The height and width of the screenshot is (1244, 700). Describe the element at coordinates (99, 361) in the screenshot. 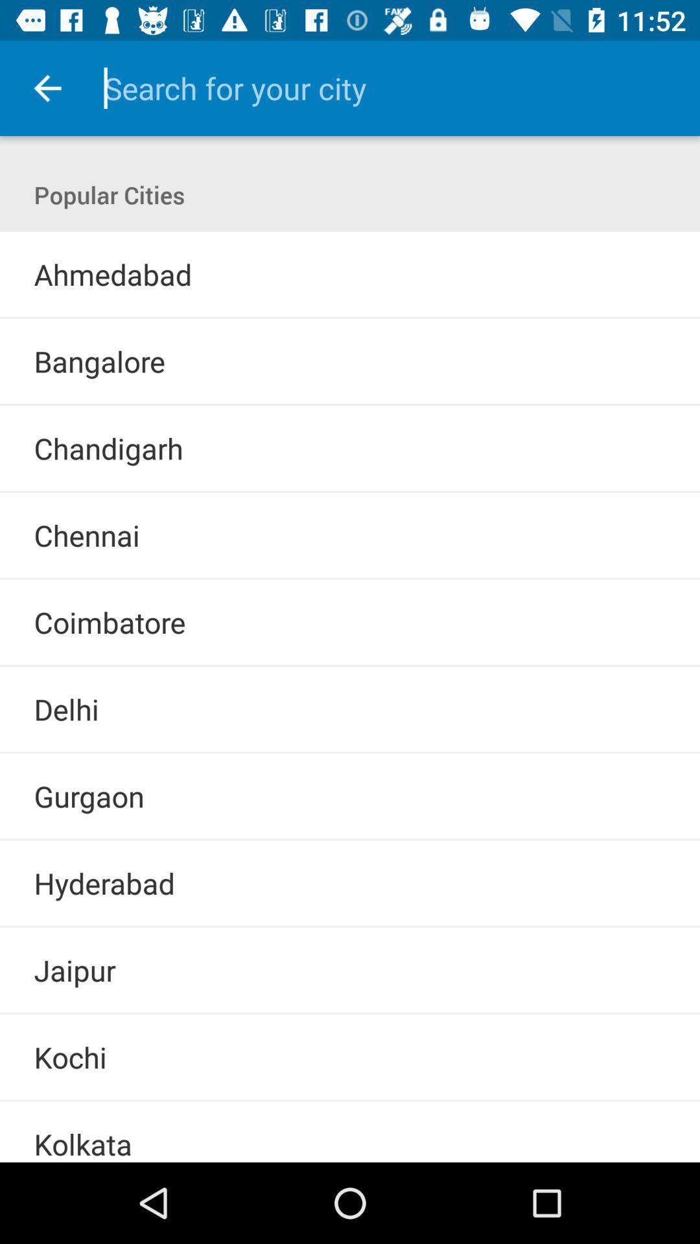

I see `bangalore icon` at that location.